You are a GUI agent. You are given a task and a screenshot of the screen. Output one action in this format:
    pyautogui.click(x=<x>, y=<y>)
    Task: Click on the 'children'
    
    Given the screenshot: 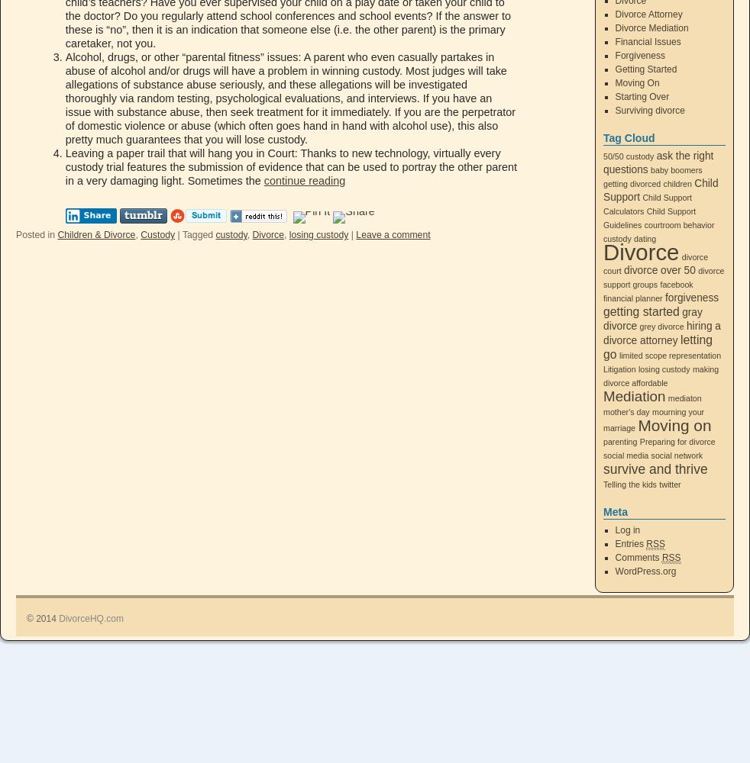 What is the action you would take?
    pyautogui.click(x=677, y=183)
    